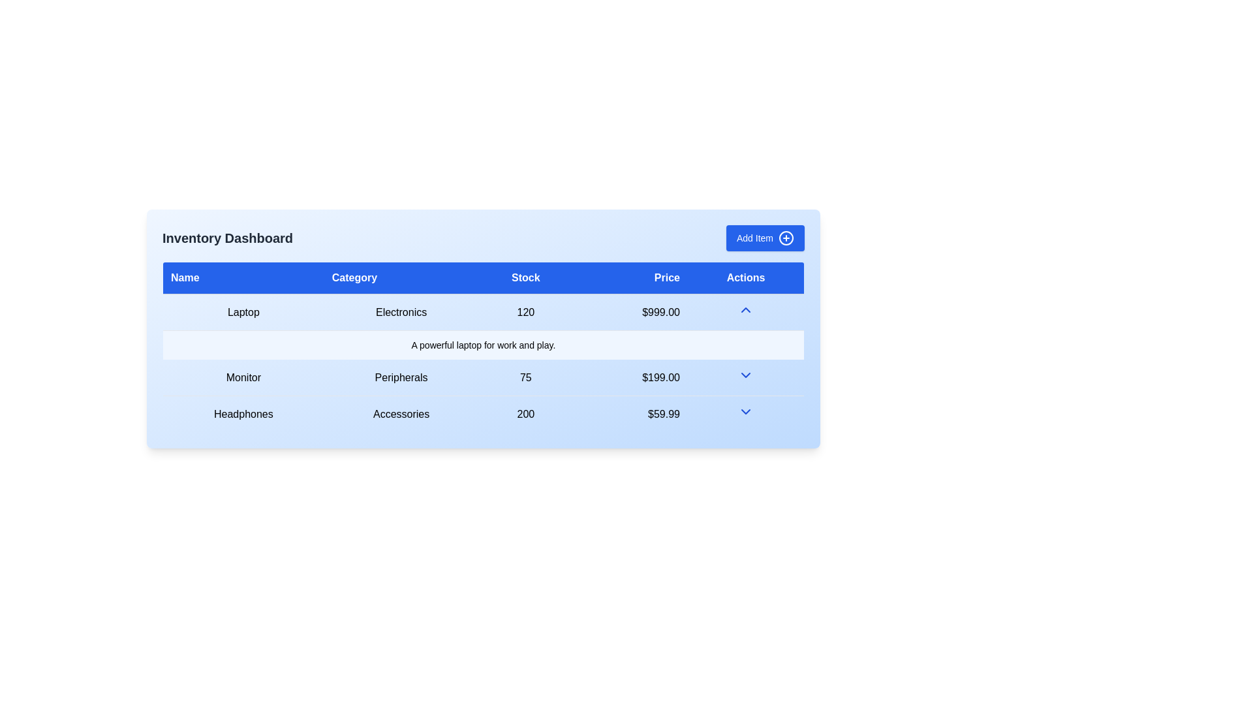 This screenshot has height=705, width=1253. Describe the element at coordinates (746, 312) in the screenshot. I see `the small, blue-colored upward-facing caret icon in the 'Actions' column of the inventory table` at that location.